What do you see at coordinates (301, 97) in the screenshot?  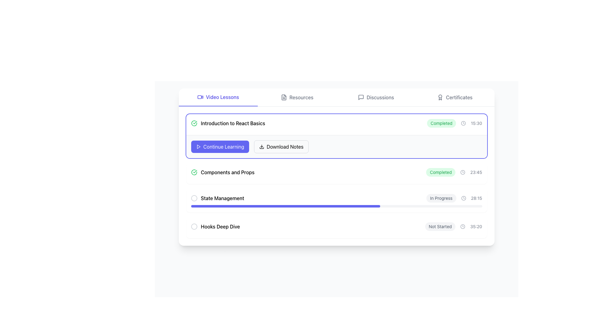 I see `the 'Resources' navigational link in the top menu` at bounding box center [301, 97].